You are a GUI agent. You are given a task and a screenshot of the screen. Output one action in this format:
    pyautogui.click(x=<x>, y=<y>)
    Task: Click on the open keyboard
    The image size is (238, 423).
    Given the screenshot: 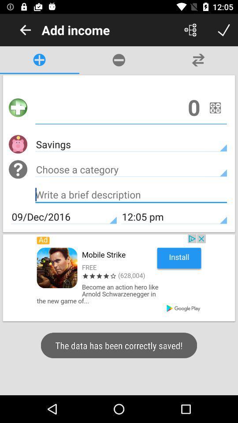 What is the action you would take?
    pyautogui.click(x=130, y=196)
    